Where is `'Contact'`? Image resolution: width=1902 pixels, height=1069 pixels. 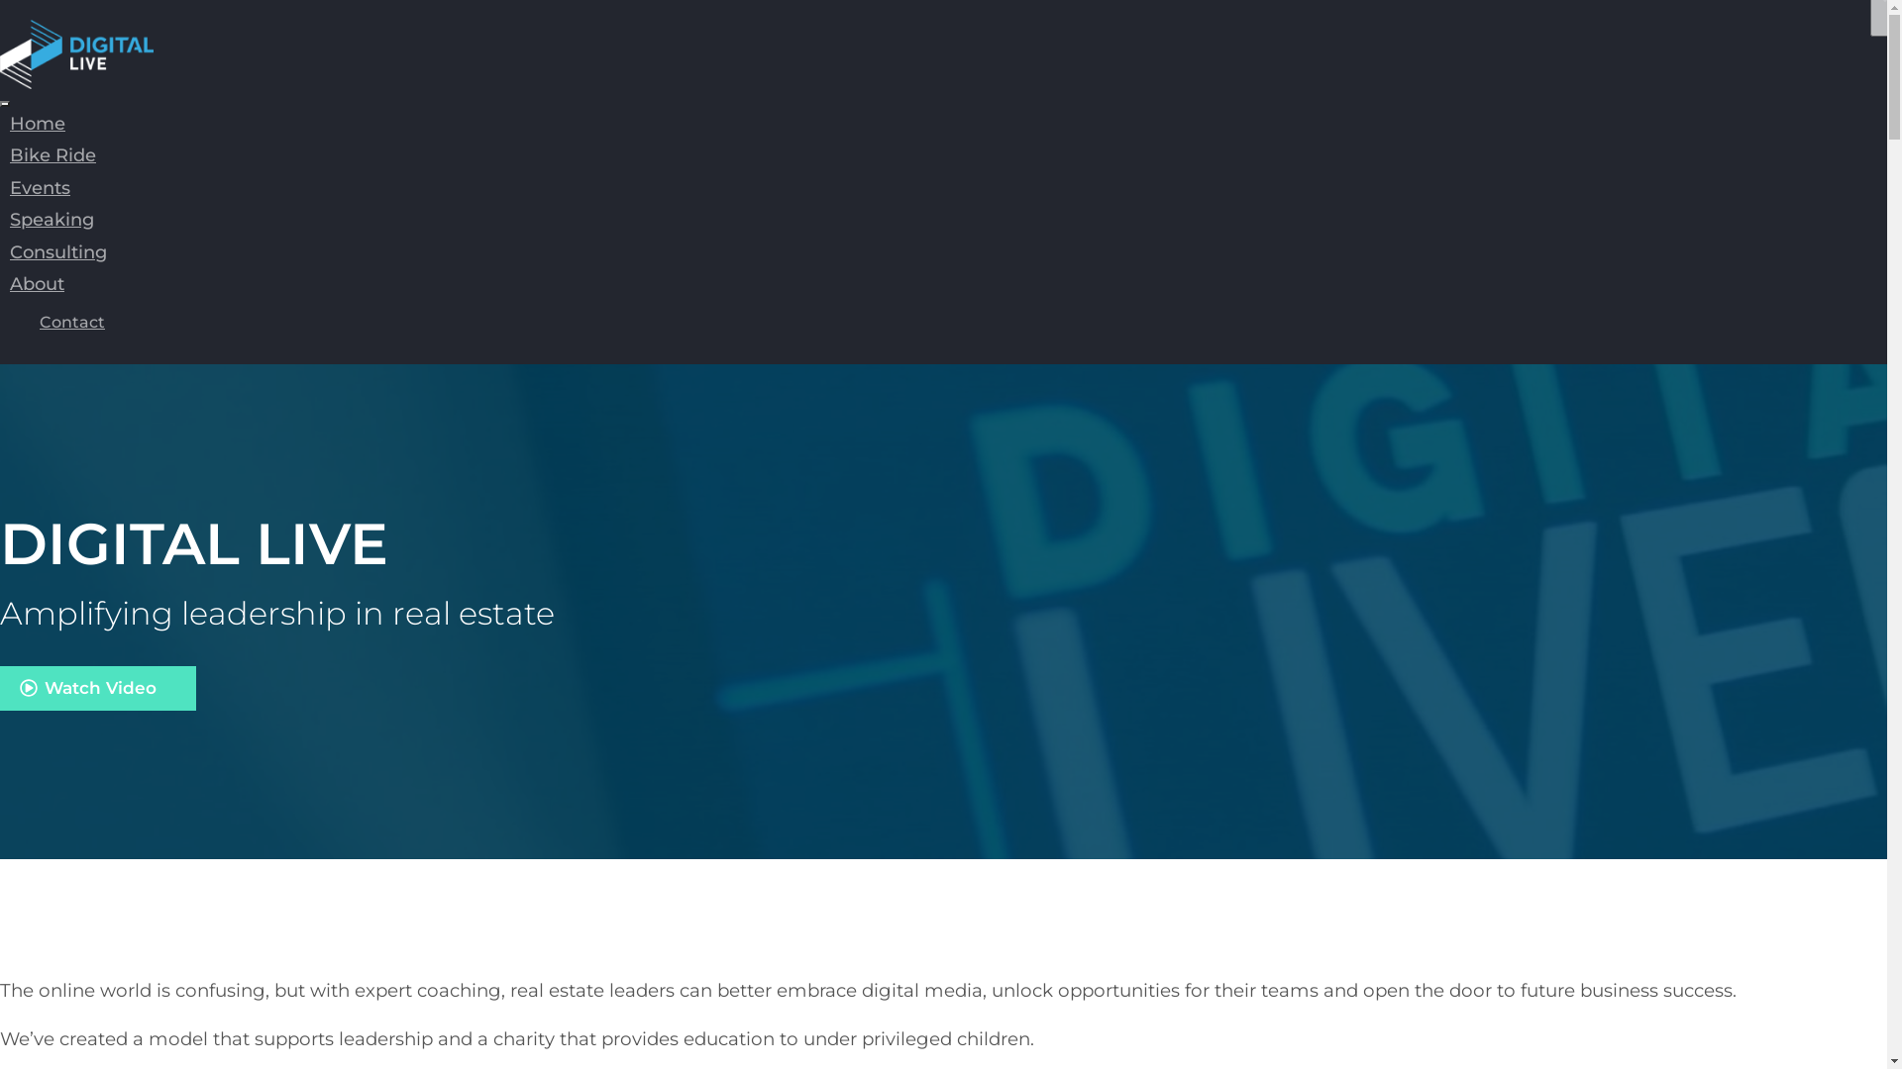
'Contact' is located at coordinates (71, 321).